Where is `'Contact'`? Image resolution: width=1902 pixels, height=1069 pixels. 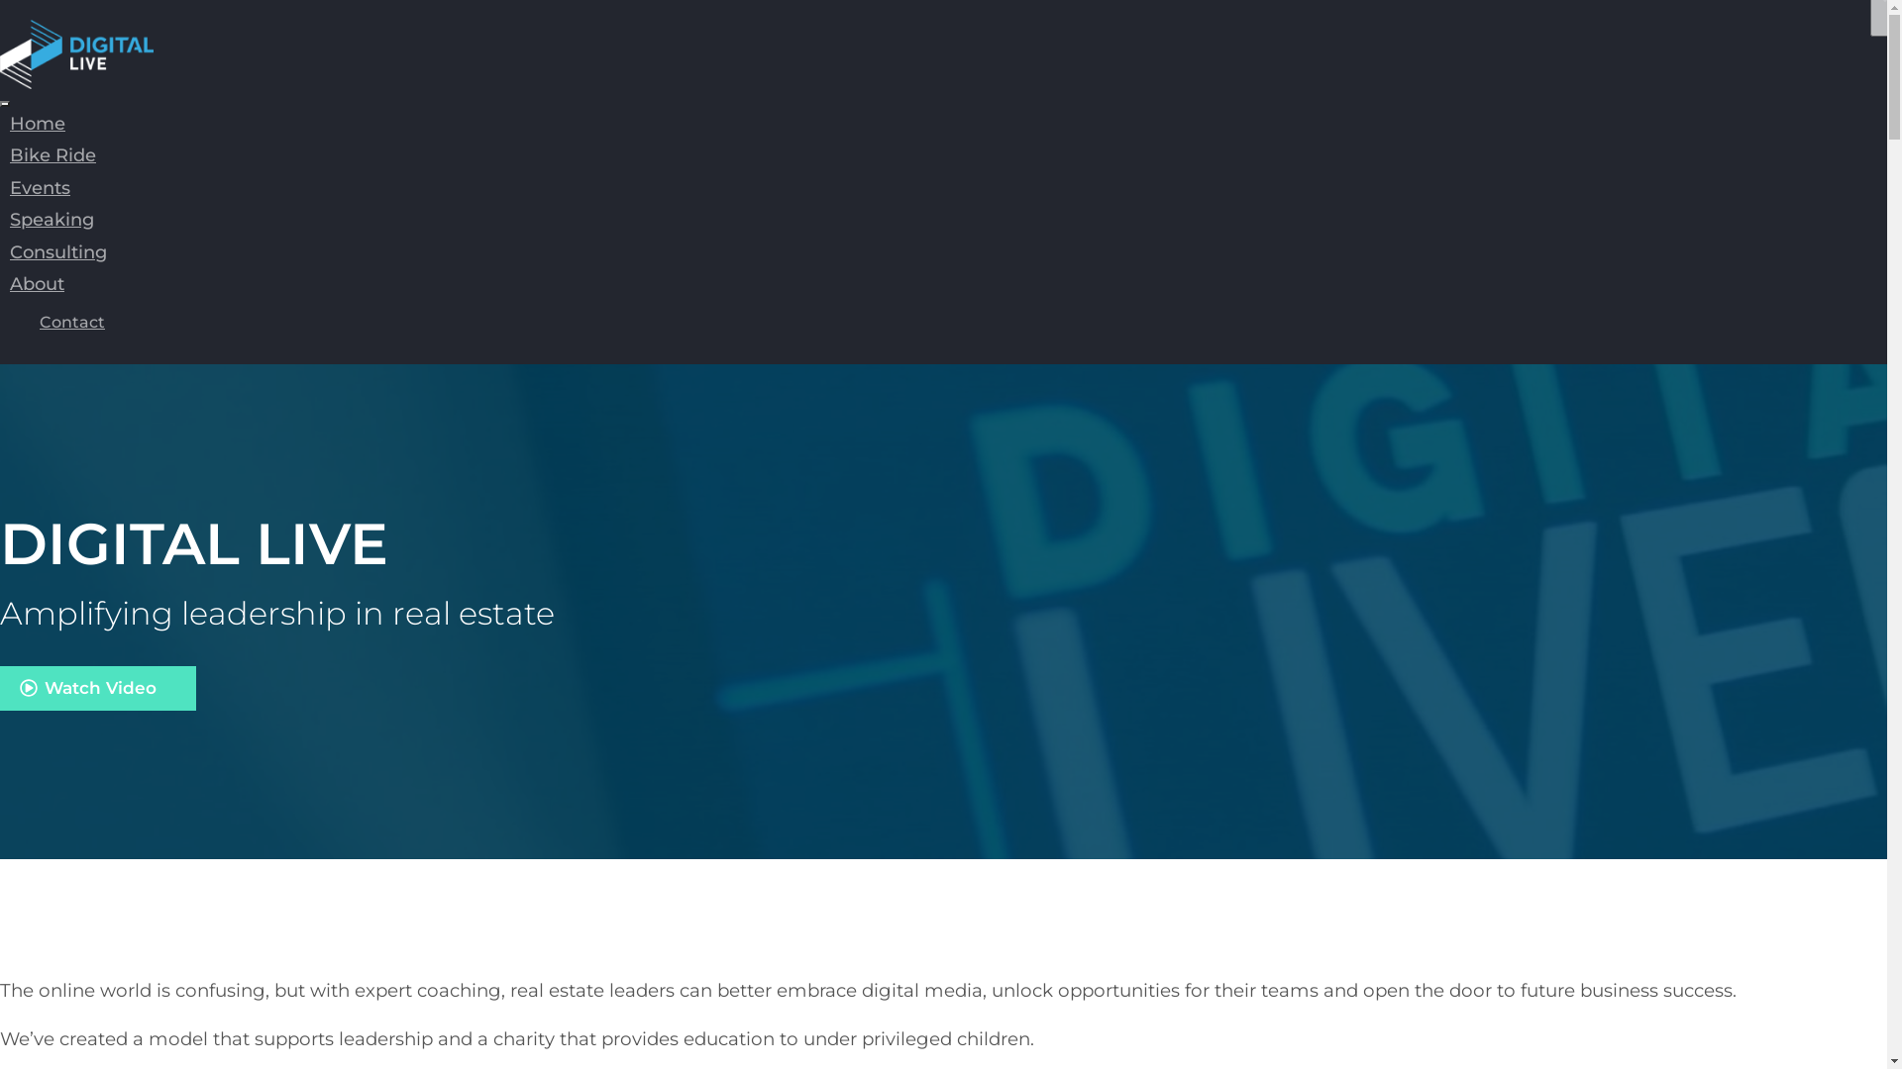
'Contact' is located at coordinates (71, 321).